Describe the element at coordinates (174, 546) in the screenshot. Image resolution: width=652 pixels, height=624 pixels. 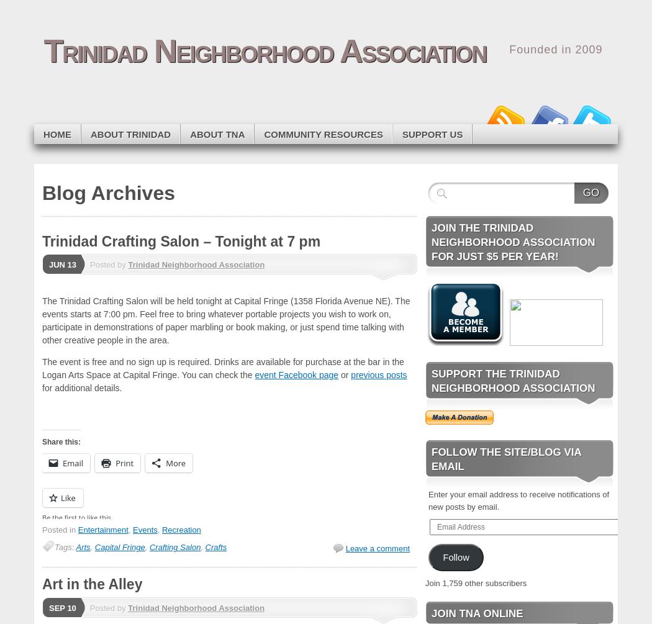
I see `'Crafting Salon'` at that location.